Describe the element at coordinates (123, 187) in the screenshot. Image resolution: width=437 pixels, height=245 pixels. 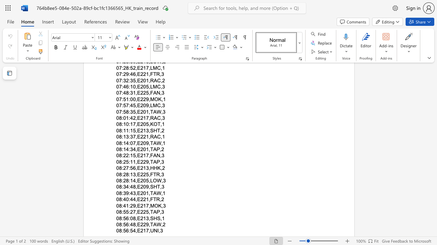
I see `the subset text "34:48," within the text "08:34:48,E209,SHT,3"` at that location.